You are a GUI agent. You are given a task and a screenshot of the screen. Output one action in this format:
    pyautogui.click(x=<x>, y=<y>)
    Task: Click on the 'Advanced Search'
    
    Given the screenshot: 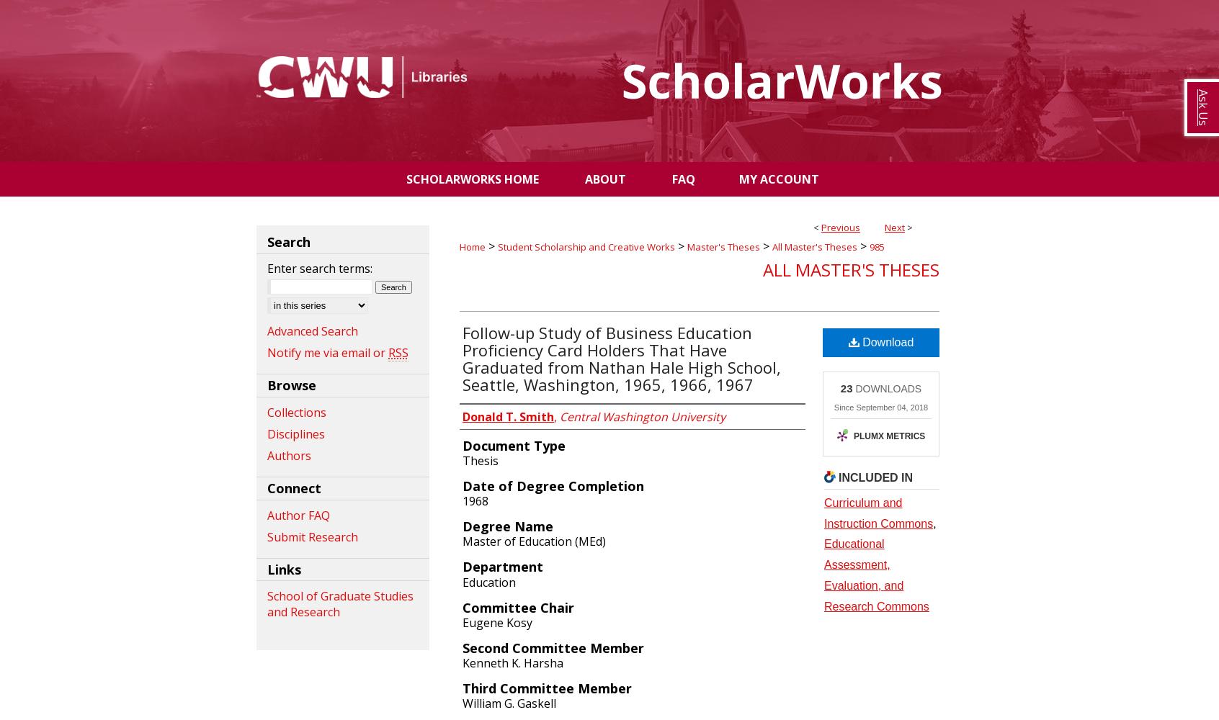 What is the action you would take?
    pyautogui.click(x=311, y=330)
    